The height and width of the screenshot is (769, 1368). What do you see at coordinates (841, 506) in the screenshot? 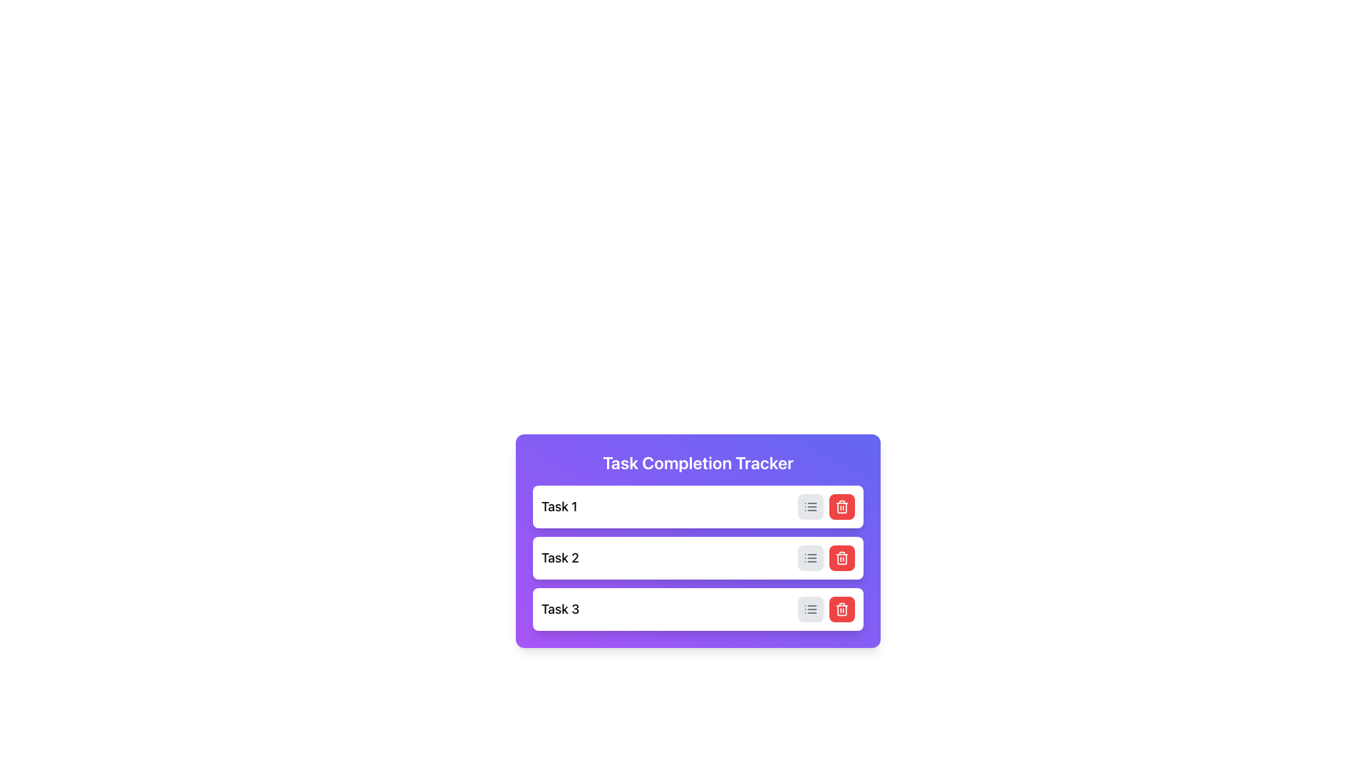
I see `the delete button located at the far right of the first task entry row labeled 'Task 1'` at bounding box center [841, 506].